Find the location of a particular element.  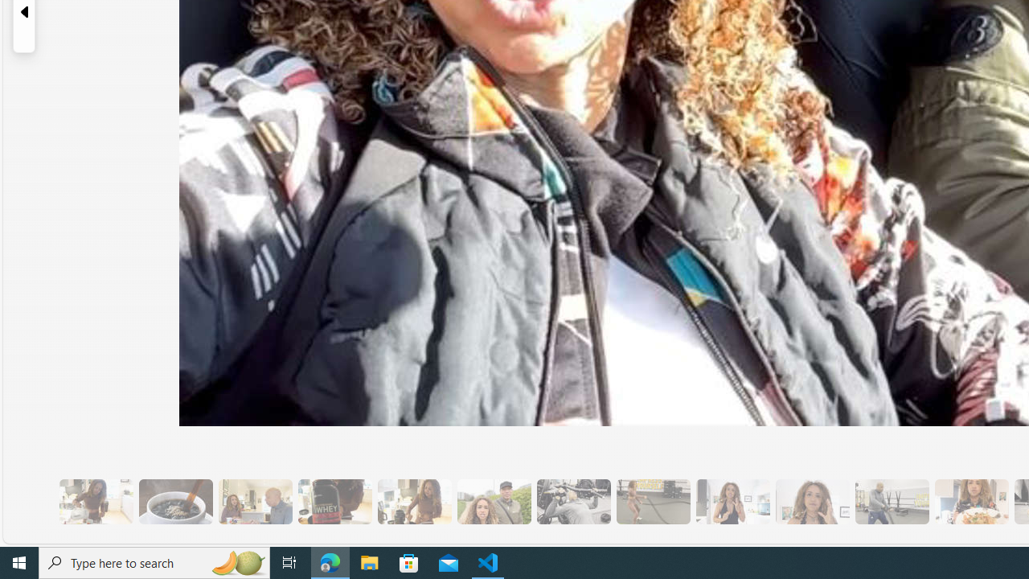

'6 Since Eating More Protein Her Training Has Improved' is located at coordinates (334, 501).